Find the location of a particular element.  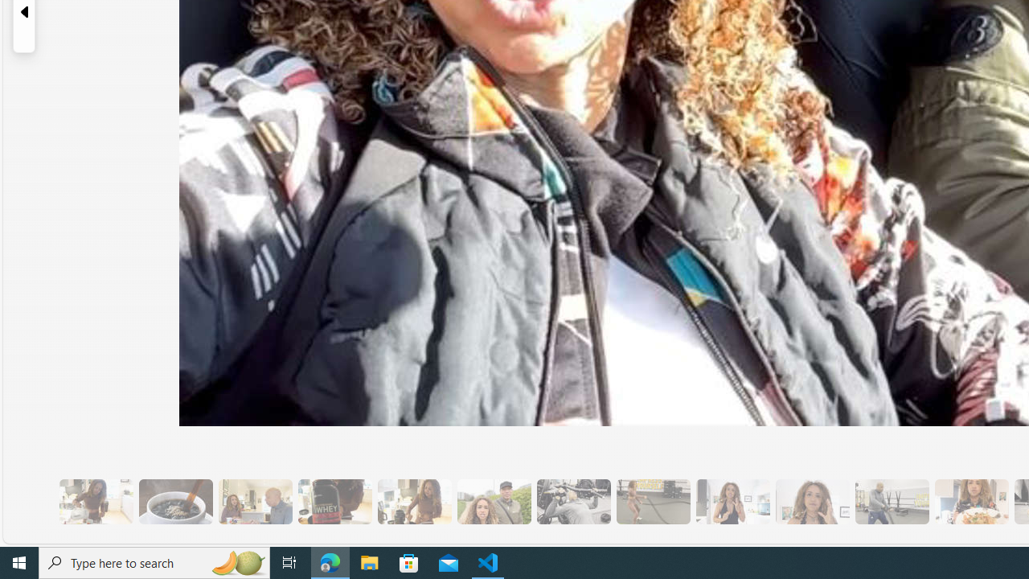

'6 Since Eating More Protein Her Training Has Improved' is located at coordinates (334, 501).